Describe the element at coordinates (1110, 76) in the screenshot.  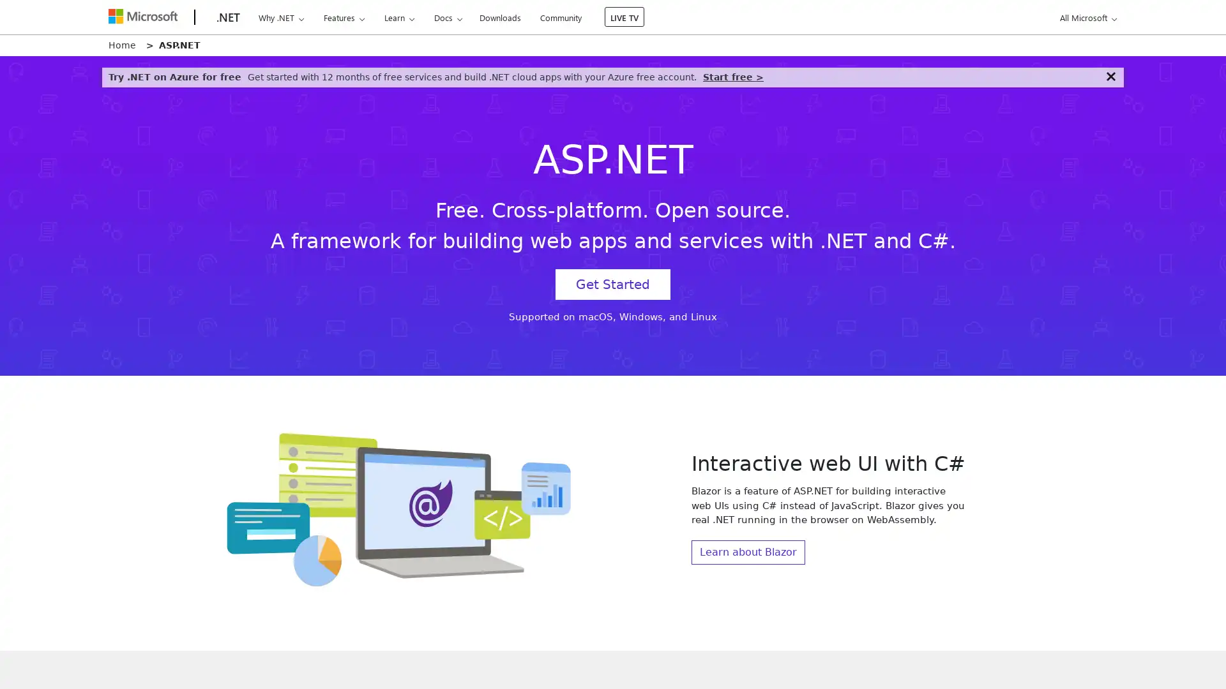
I see `close` at that location.